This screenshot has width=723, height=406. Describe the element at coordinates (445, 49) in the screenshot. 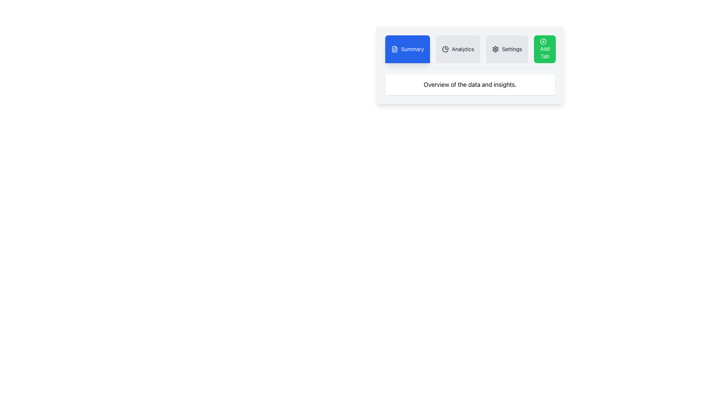

I see `the pie chart icon within the 'Analytics' button, which is the second button in a row of four buttons` at that location.